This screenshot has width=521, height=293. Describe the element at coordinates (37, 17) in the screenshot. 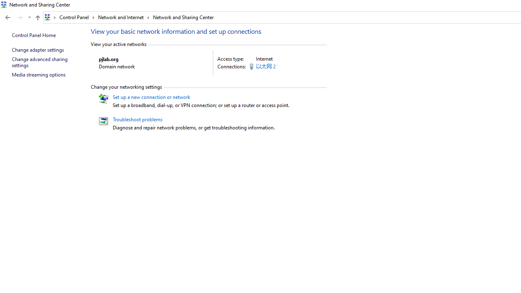

I see `'Up to "Network and Internet" (Alt + Up Arrow)'` at that location.